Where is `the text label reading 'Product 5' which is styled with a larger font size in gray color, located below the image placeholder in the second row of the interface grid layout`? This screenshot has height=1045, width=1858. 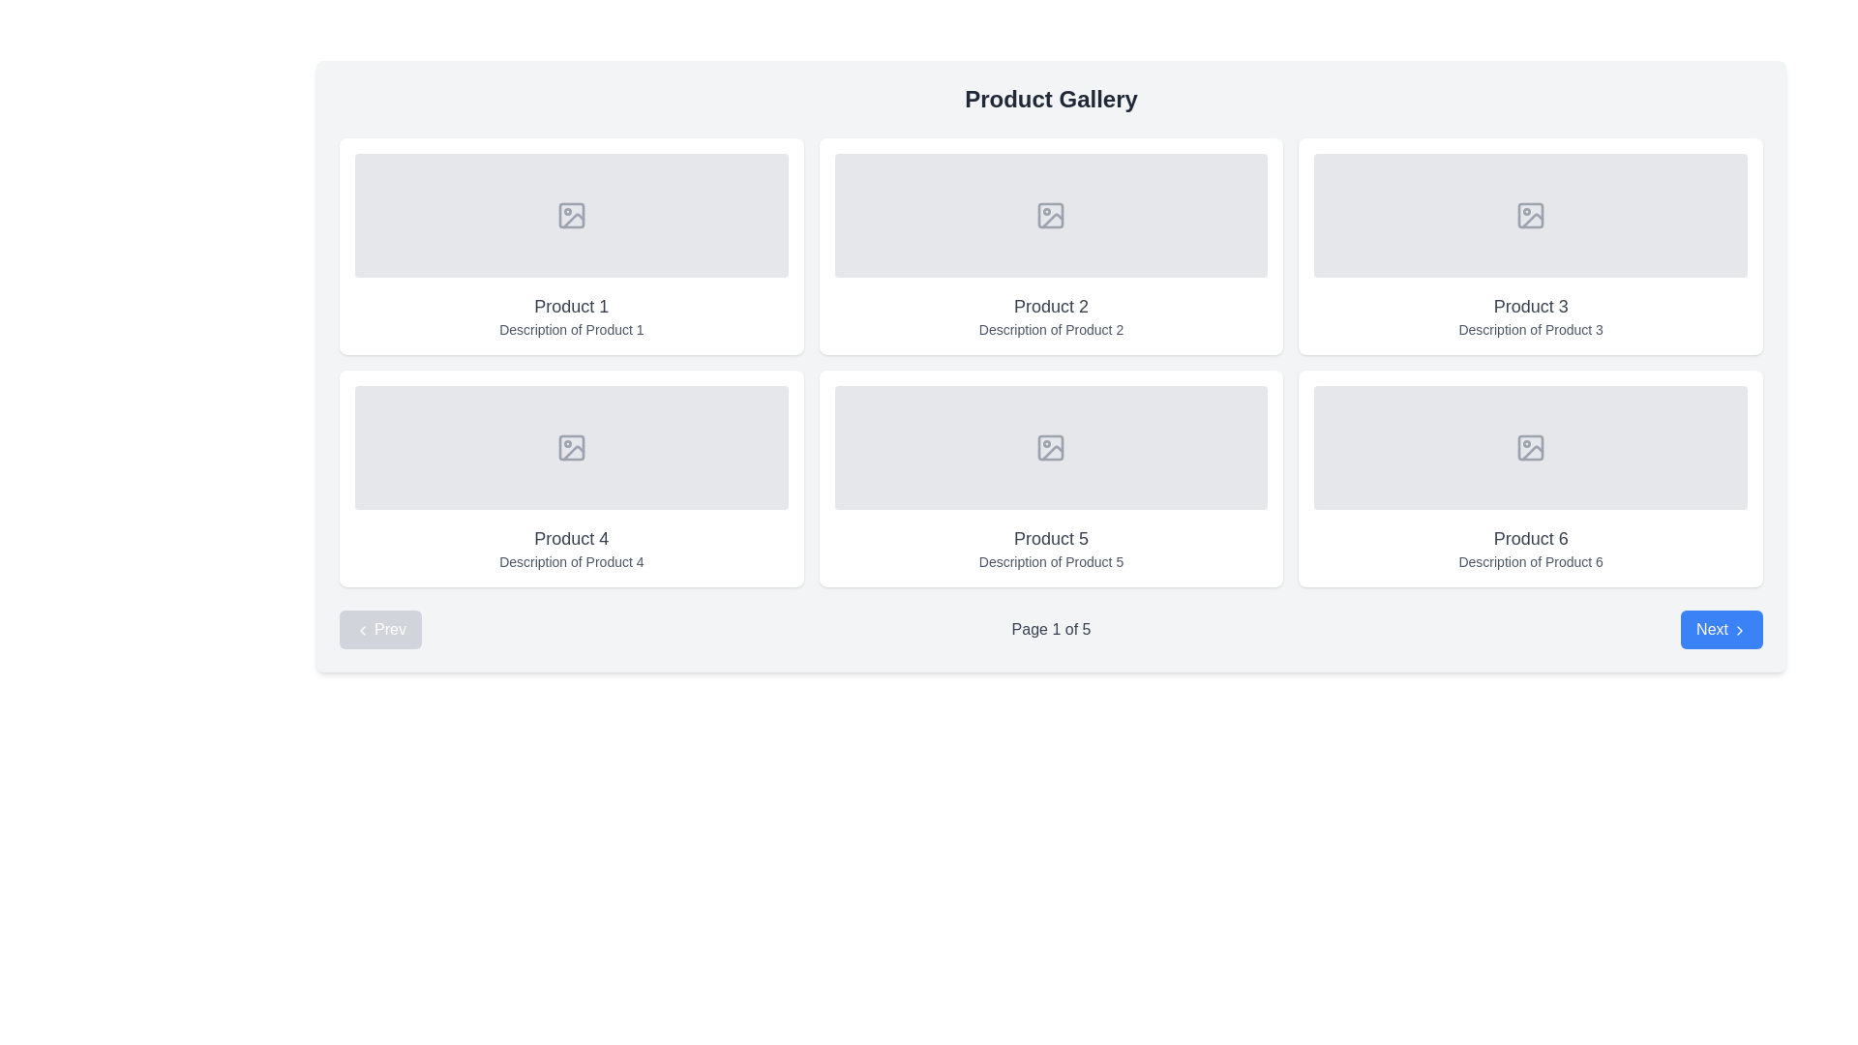 the text label reading 'Product 5' which is styled with a larger font size in gray color, located below the image placeholder in the second row of the interface grid layout is located at coordinates (1050, 538).